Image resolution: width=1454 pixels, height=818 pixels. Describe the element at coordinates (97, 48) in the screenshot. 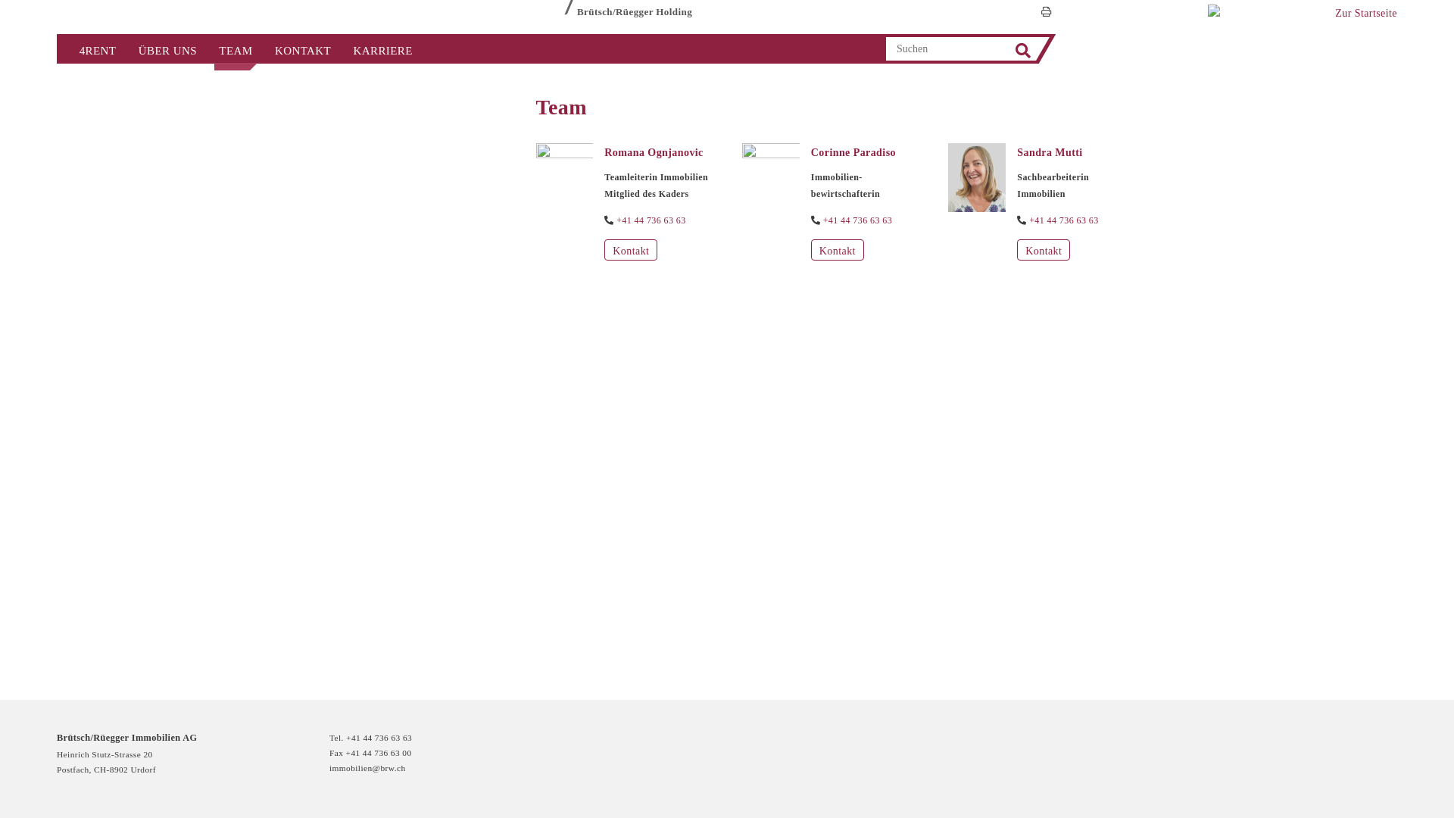

I see `'4RENT'` at that location.